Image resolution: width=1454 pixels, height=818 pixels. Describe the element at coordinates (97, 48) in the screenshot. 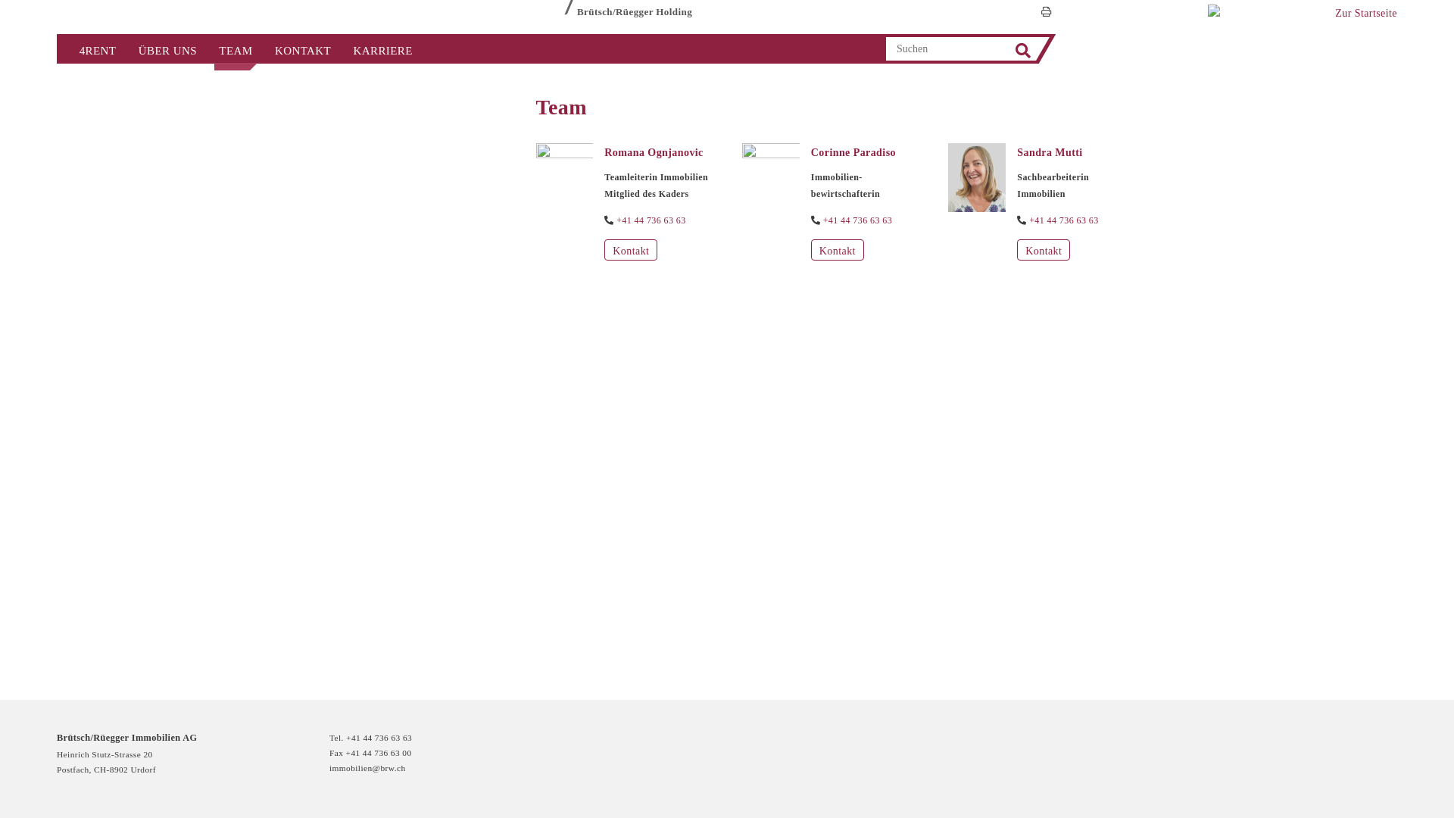

I see `'4RENT'` at that location.